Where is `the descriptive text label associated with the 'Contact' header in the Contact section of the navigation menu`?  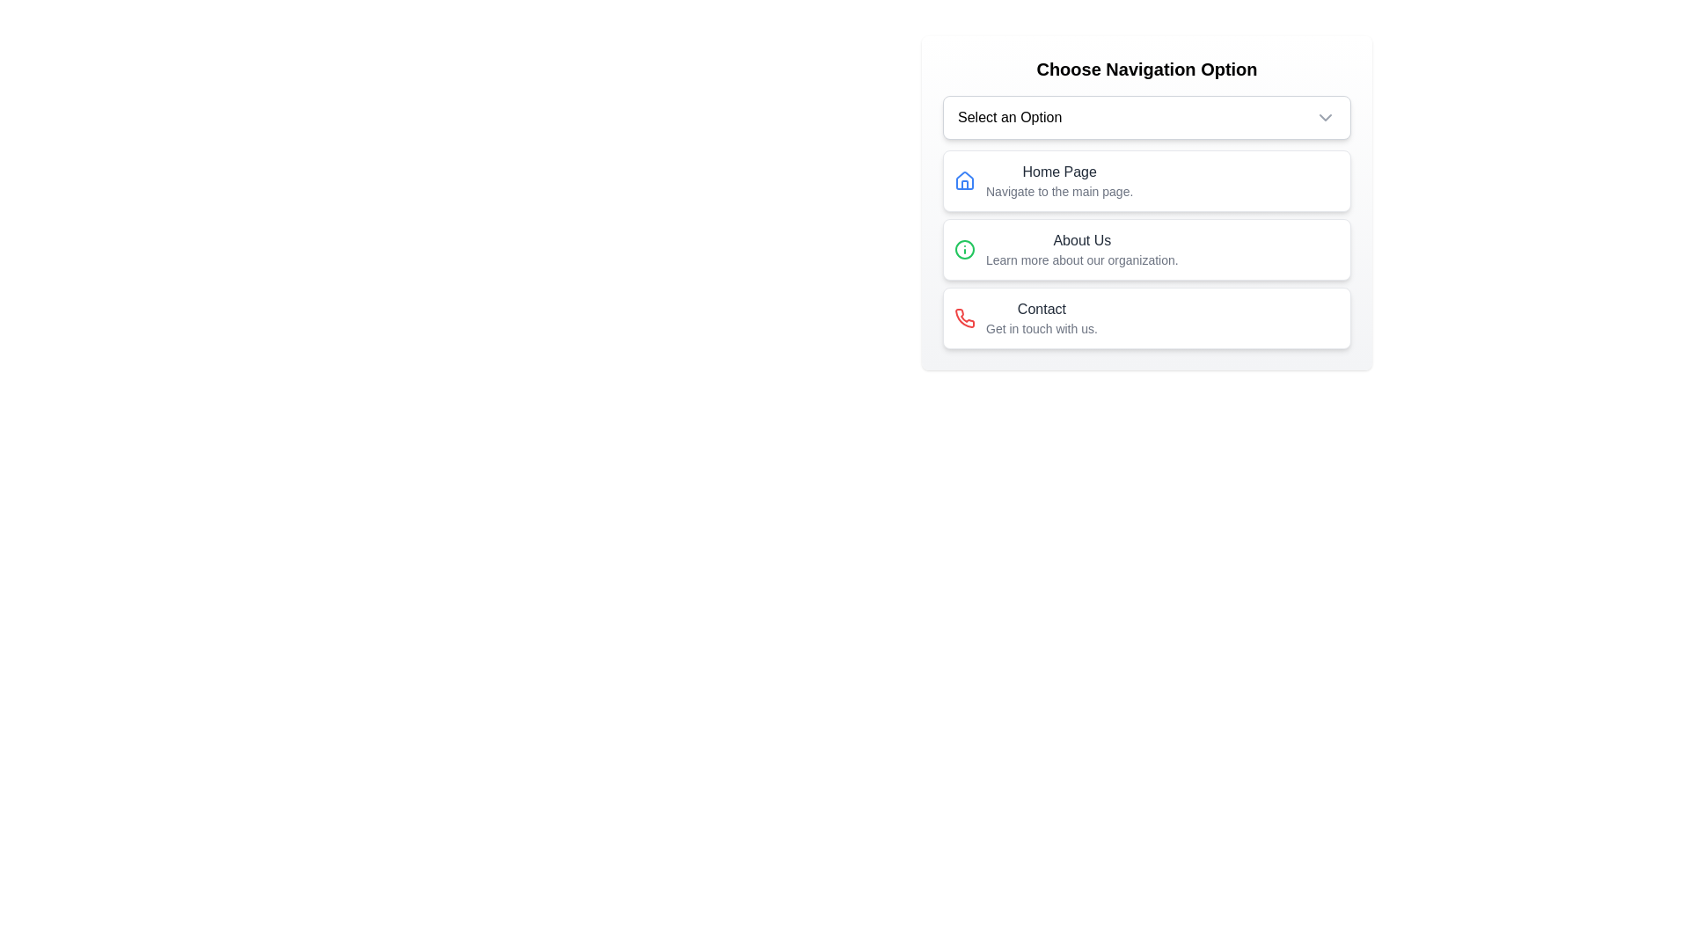
the descriptive text label associated with the 'Contact' header in the Contact section of the navigation menu is located at coordinates (1042, 329).